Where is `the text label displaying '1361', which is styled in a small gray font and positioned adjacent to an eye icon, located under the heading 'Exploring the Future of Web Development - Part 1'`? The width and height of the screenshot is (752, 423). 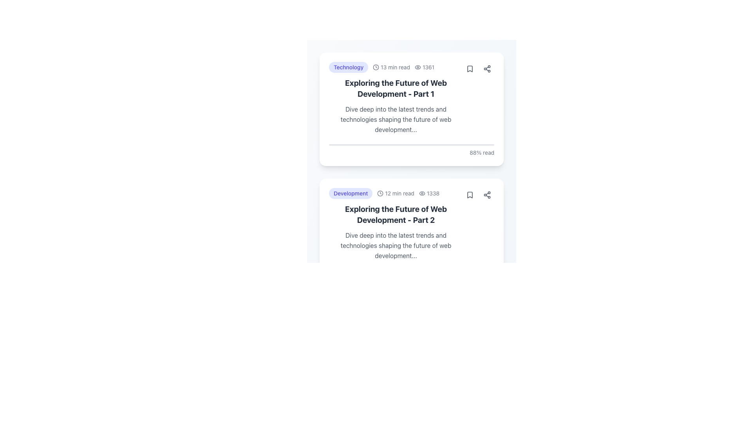 the text label displaying '1361', which is styled in a small gray font and positioned adjacent to an eye icon, located under the heading 'Exploring the Future of Web Development - Part 1' is located at coordinates (424, 67).